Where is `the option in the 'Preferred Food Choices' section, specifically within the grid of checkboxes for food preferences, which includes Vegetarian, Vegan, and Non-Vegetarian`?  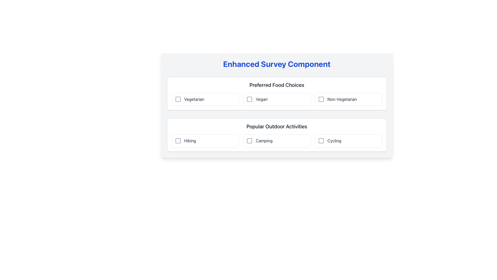 the option in the 'Preferred Food Choices' section, specifically within the grid of checkboxes for food preferences, which includes Vegetarian, Vegan, and Non-Vegetarian is located at coordinates (276, 99).